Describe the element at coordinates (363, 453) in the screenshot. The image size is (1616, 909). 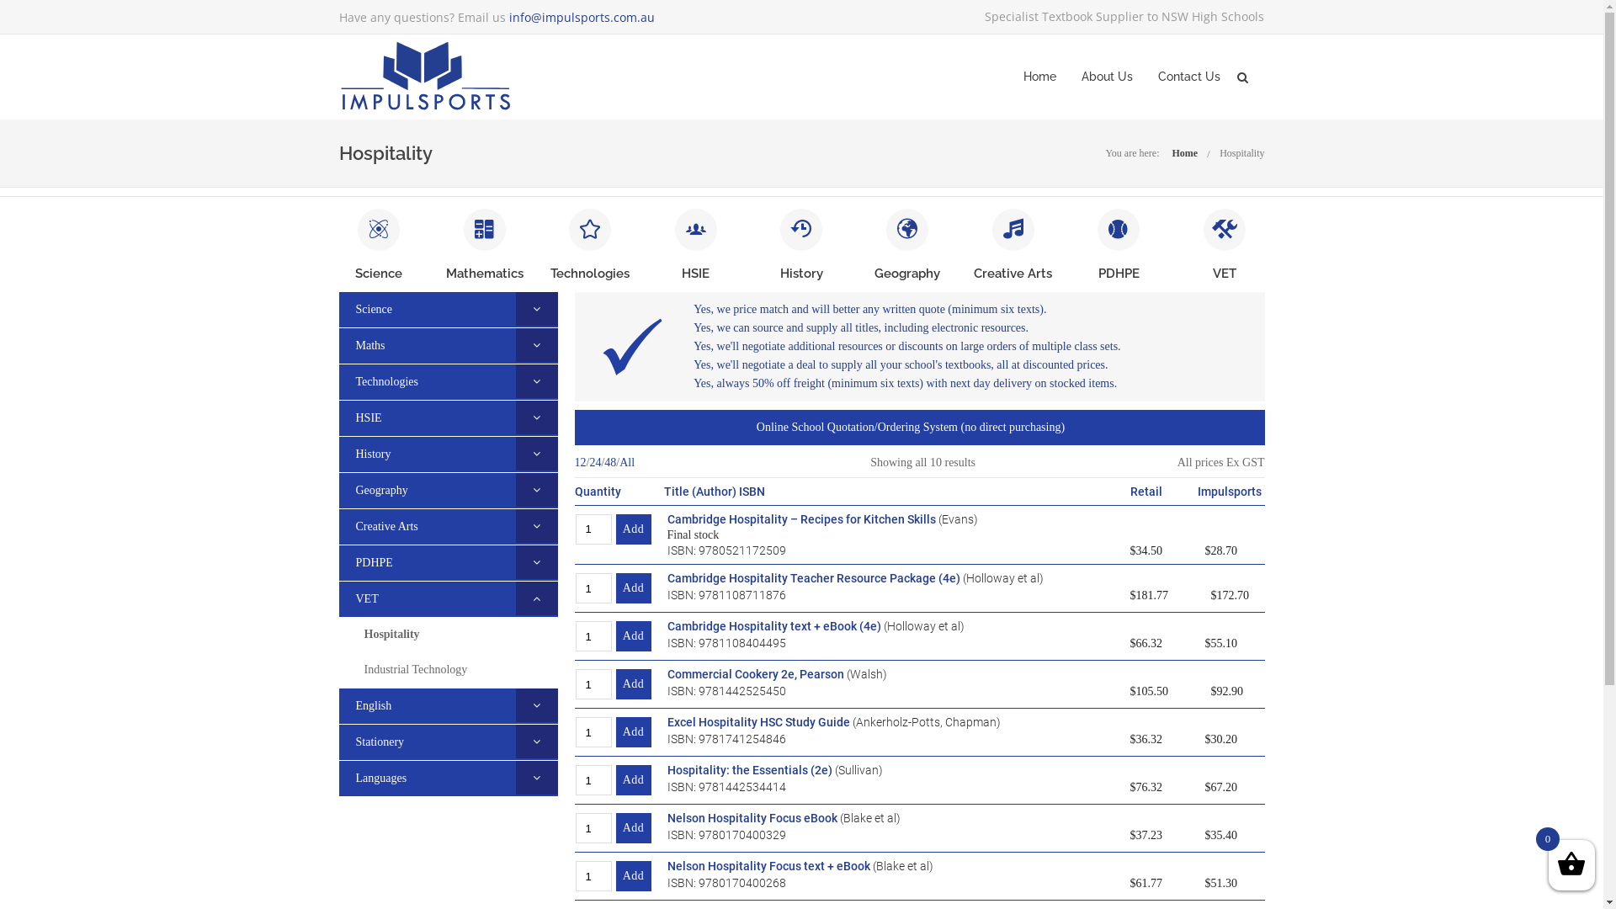
I see `'History'` at that location.